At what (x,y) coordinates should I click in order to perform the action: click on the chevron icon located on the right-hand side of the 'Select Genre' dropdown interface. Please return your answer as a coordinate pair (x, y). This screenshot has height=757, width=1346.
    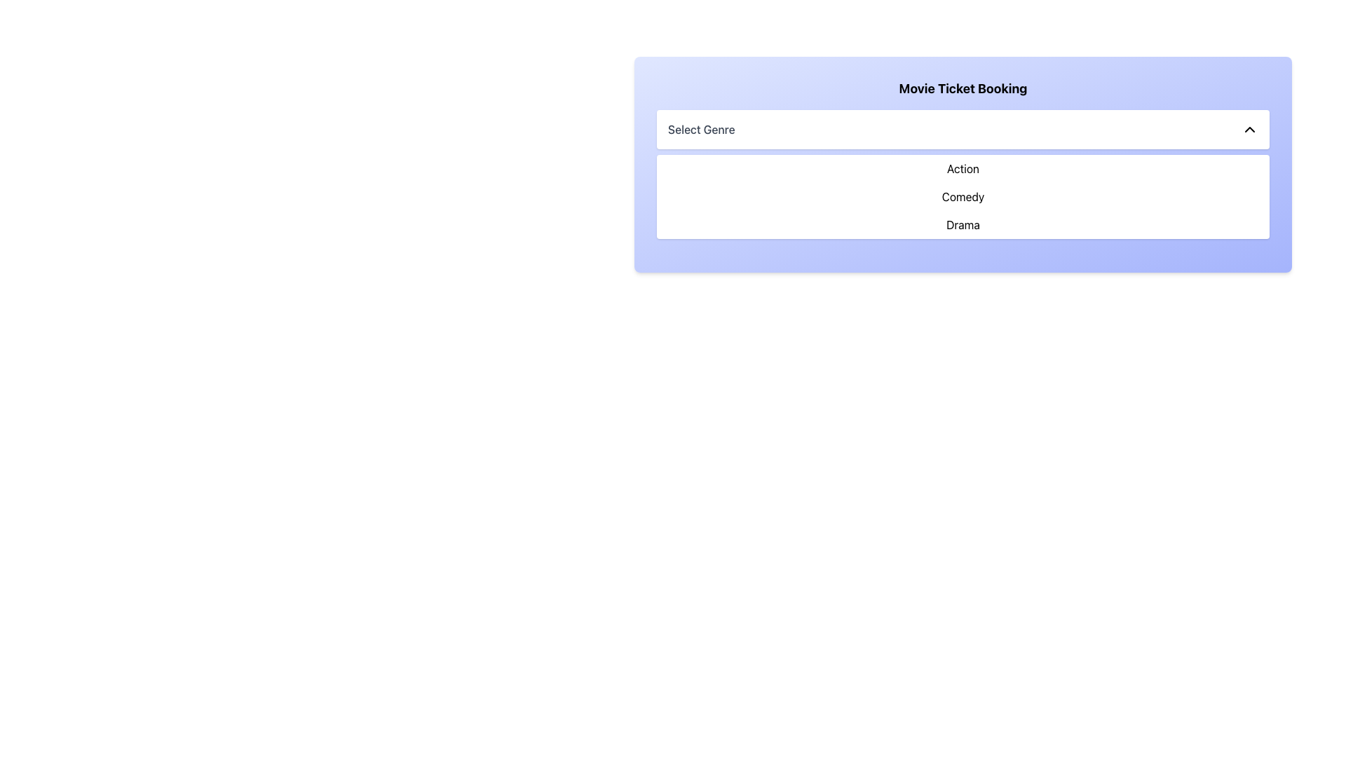
    Looking at the image, I should click on (1249, 130).